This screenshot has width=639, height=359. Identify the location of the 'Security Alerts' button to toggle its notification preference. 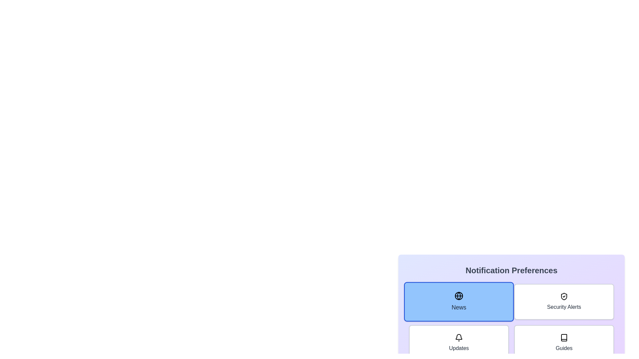
(563, 301).